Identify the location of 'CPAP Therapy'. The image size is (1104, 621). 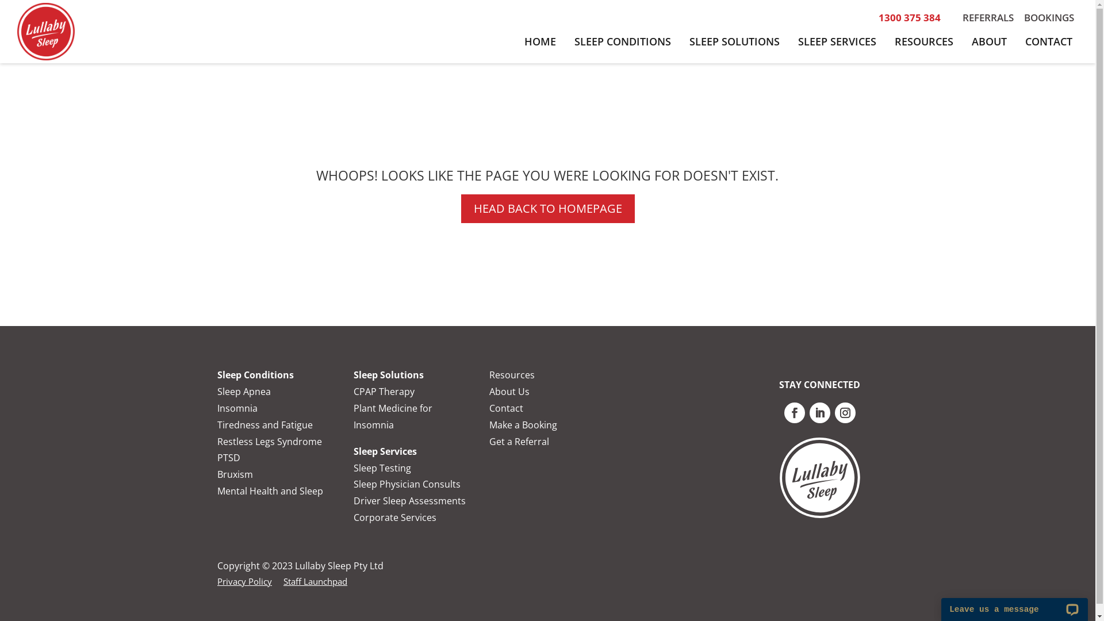
(384, 391).